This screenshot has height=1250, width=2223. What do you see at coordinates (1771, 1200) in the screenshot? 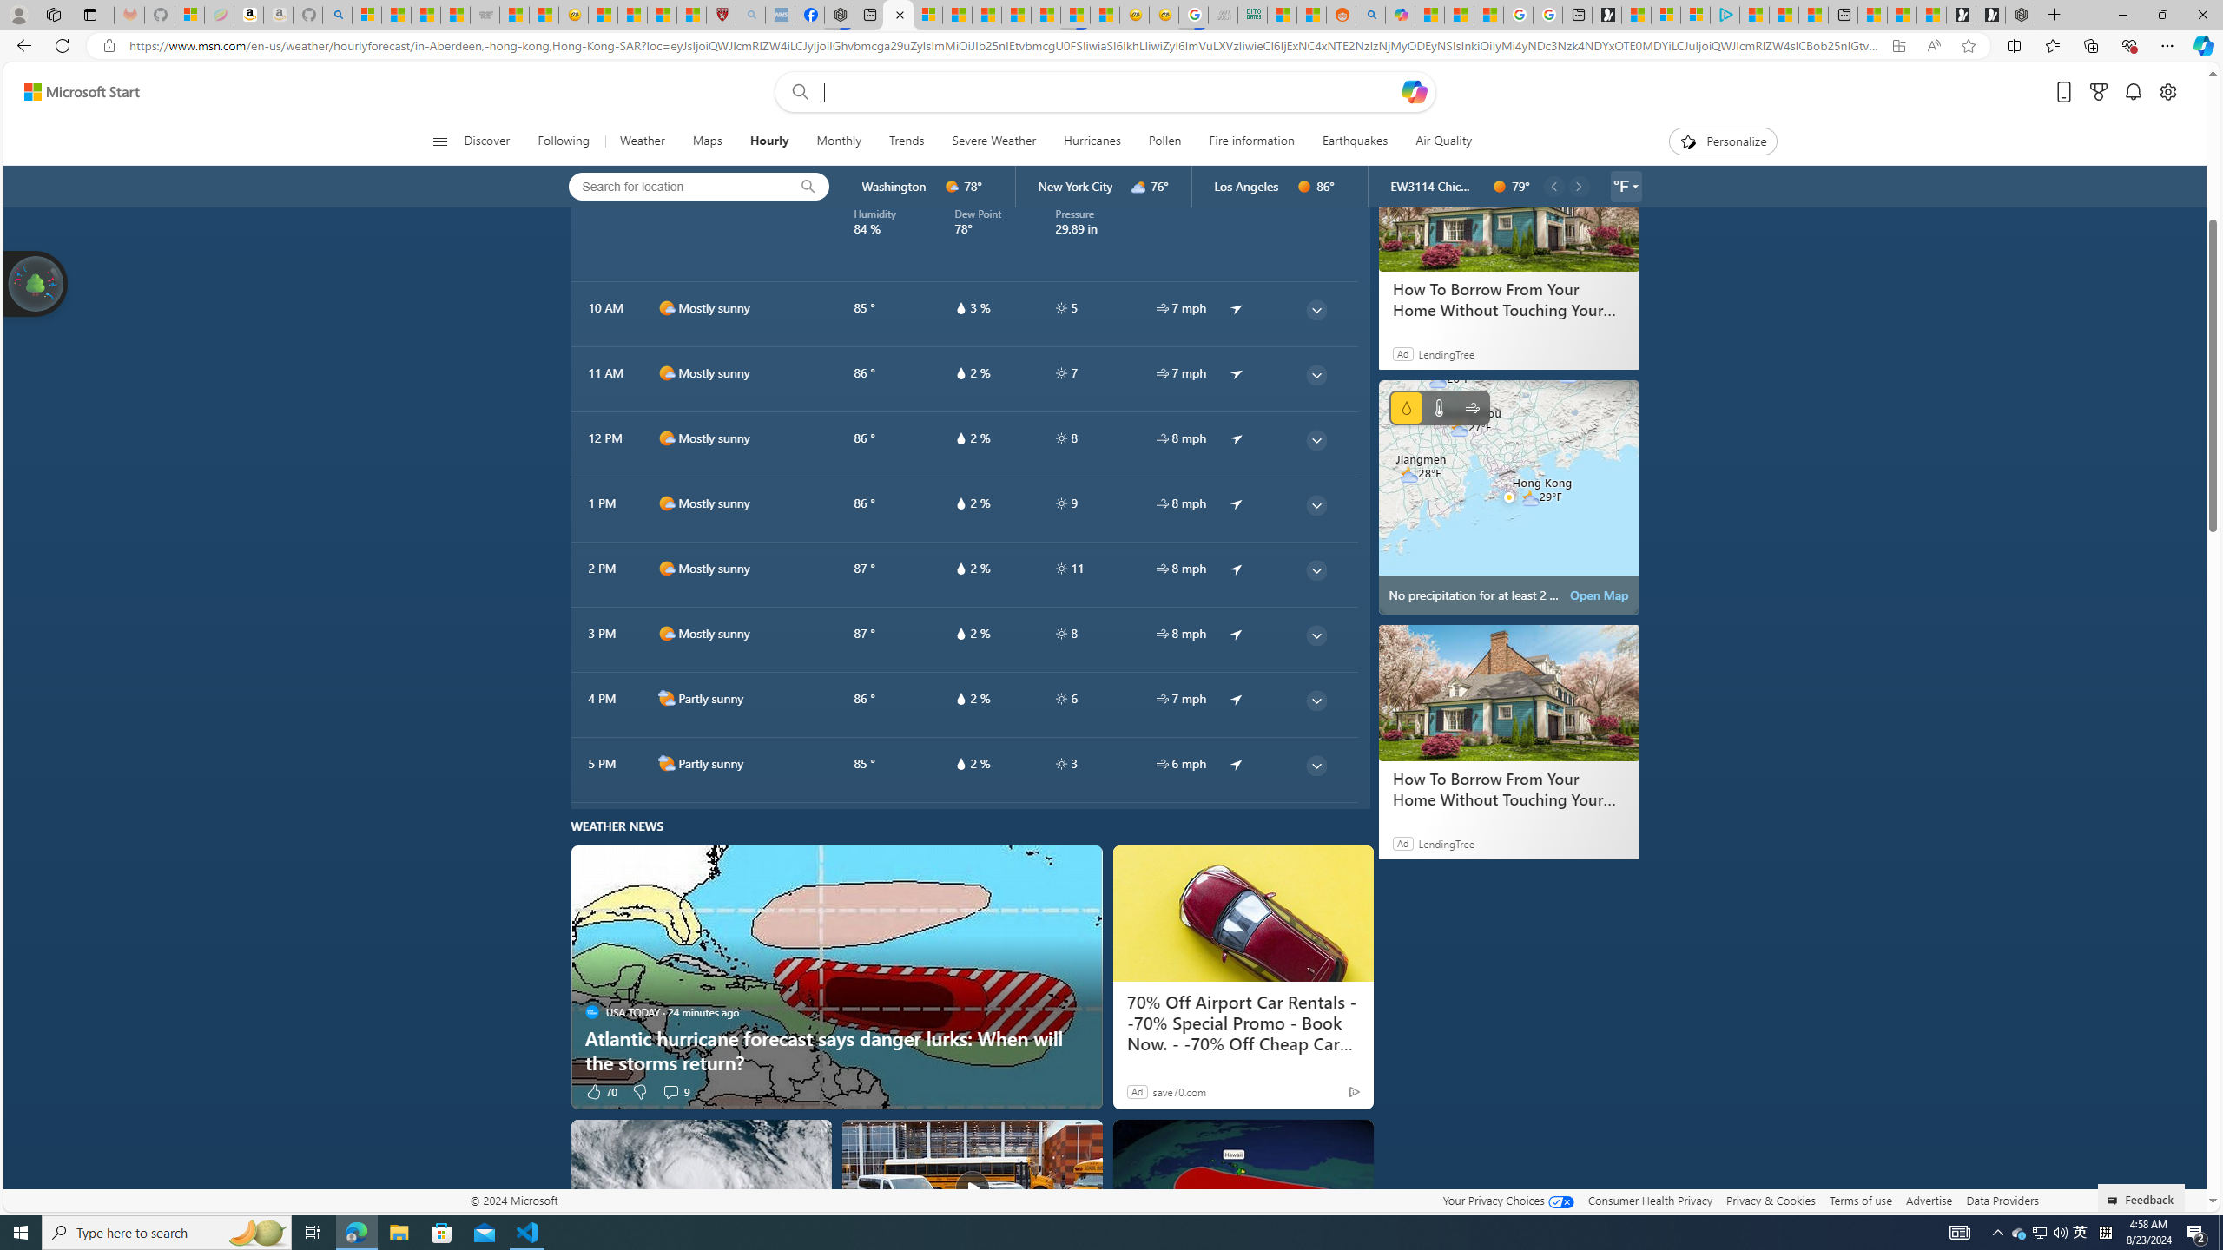
I see `'Privacy & Cookies'` at bounding box center [1771, 1200].